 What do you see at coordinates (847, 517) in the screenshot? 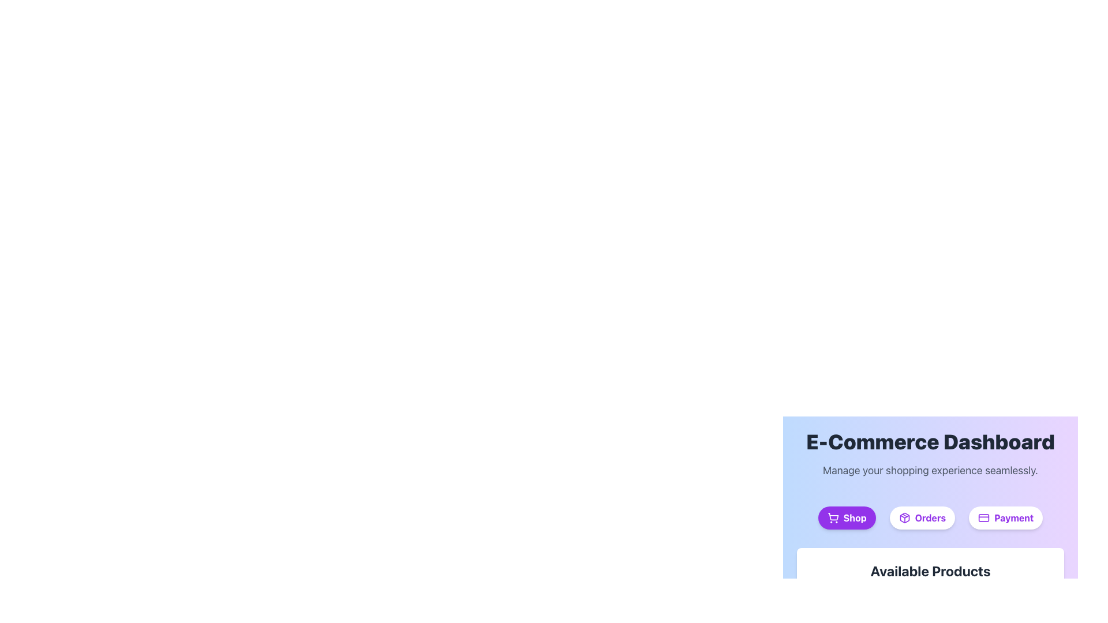
I see `the button with a bold purple background and a shopping cart icon labeled 'Shop'` at bounding box center [847, 517].